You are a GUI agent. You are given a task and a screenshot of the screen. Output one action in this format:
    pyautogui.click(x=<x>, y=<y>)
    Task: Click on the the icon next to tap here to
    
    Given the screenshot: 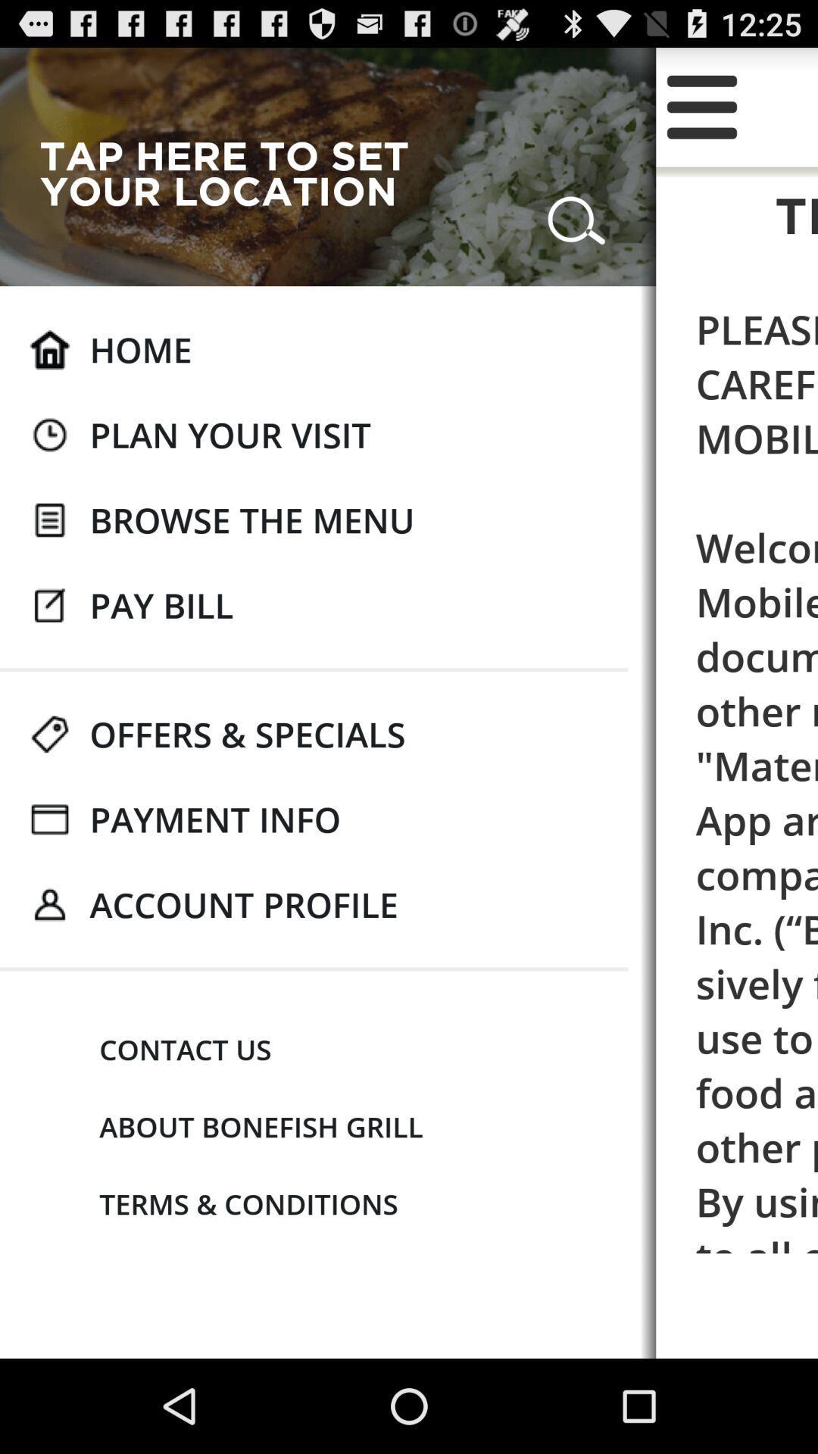 What is the action you would take?
    pyautogui.click(x=576, y=214)
    